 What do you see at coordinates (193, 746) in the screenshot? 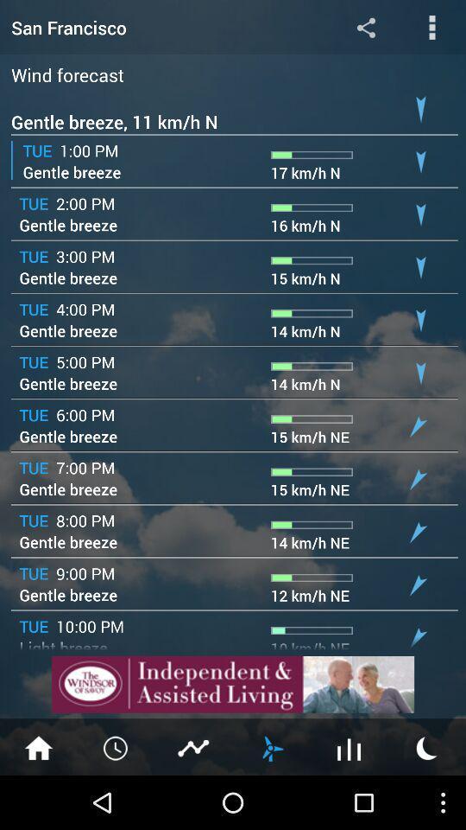
I see `compare weather` at bounding box center [193, 746].